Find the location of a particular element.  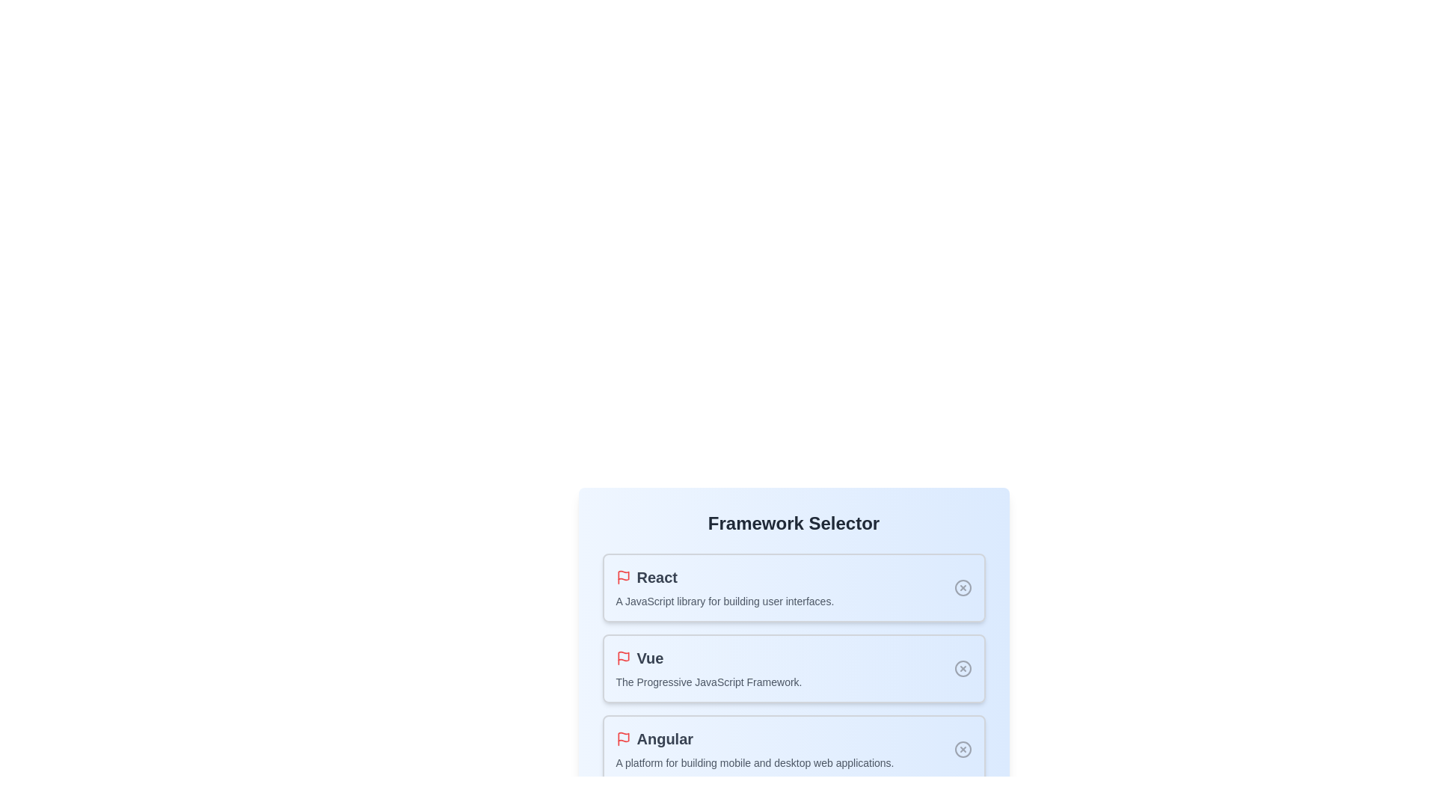

the selection state indicator for Angular is located at coordinates (963, 750).